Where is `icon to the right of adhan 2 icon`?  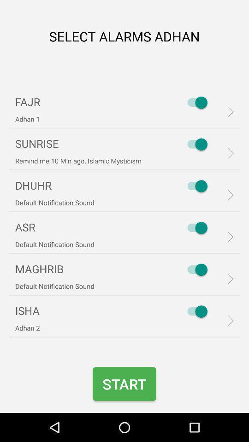
icon to the right of adhan 2 icon is located at coordinates (195, 311).